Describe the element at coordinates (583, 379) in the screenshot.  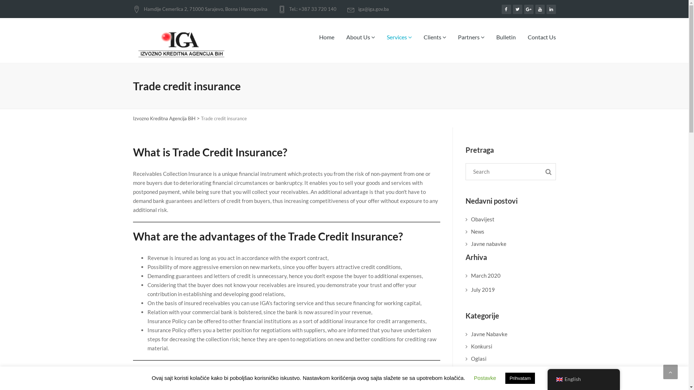
I see `'English'` at that location.